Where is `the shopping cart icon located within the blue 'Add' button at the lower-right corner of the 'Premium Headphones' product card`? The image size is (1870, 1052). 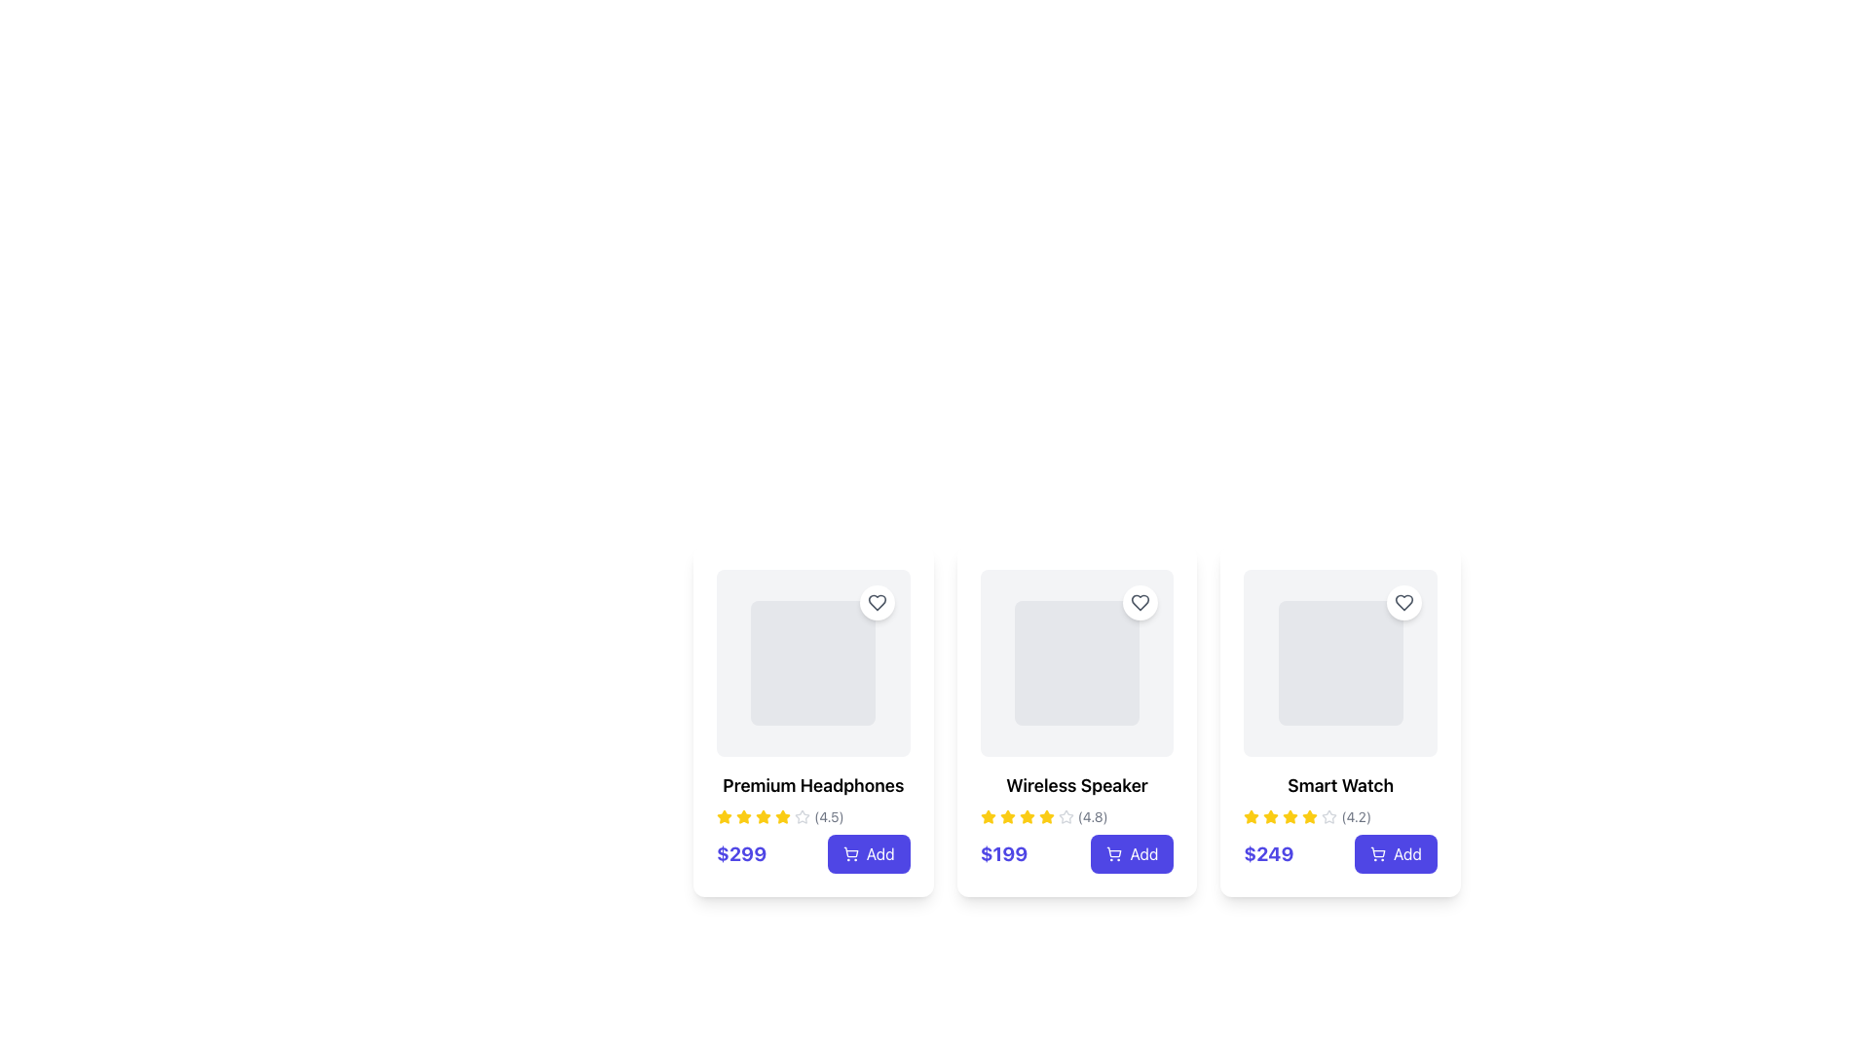
the shopping cart icon located within the blue 'Add' button at the lower-right corner of the 'Premium Headphones' product card is located at coordinates (850, 852).